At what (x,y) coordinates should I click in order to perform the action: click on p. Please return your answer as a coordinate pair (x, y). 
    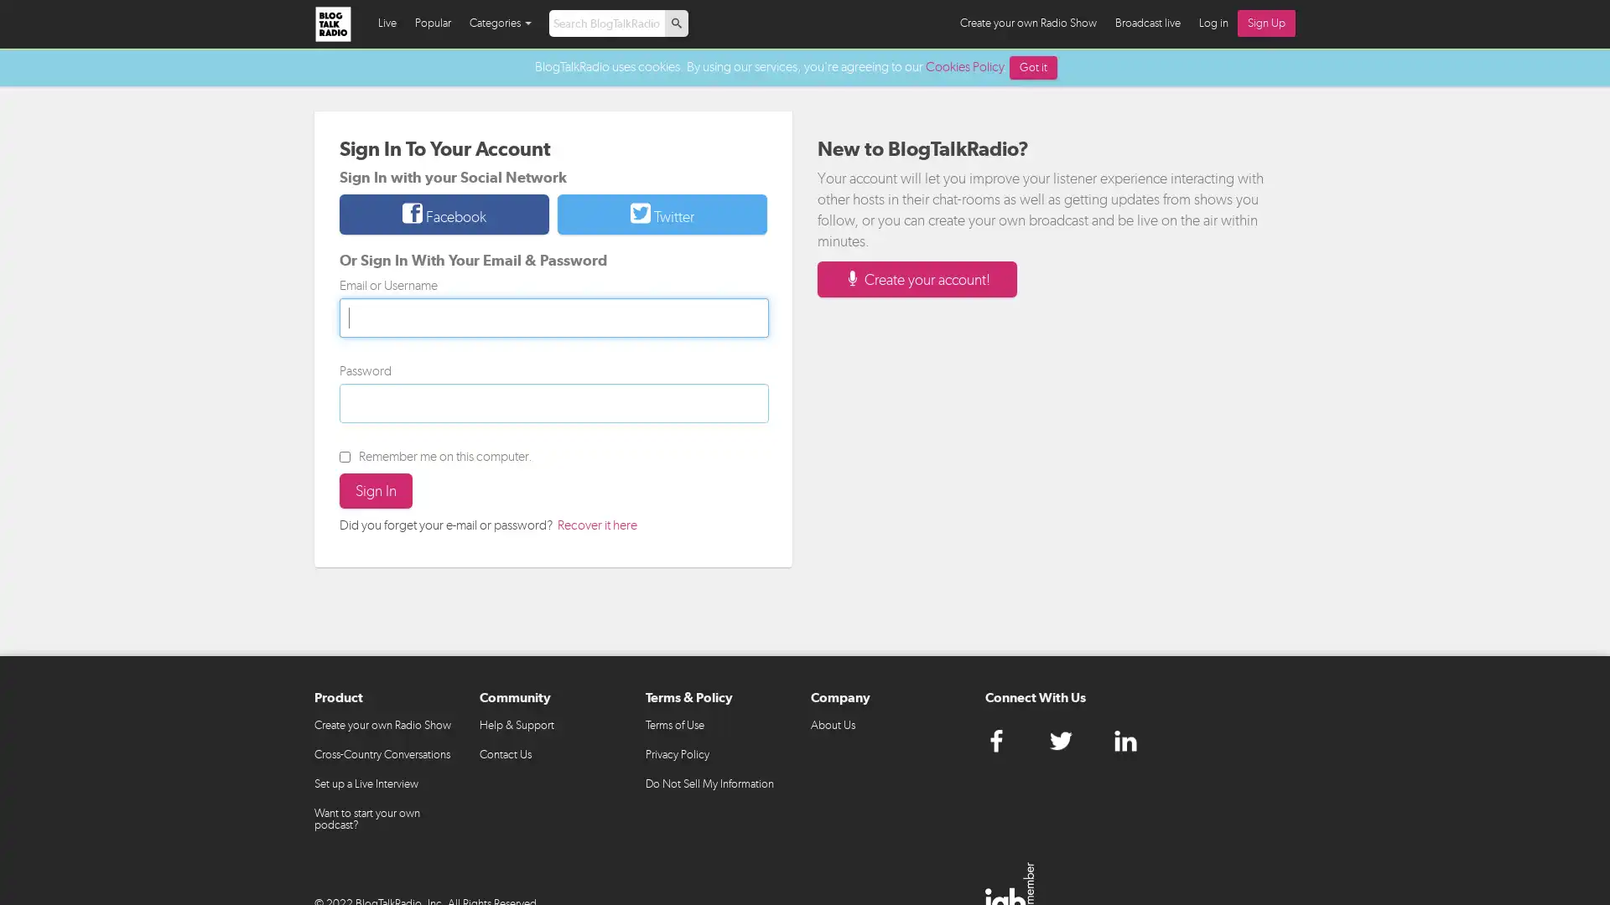
    Looking at the image, I should click on (676, 23).